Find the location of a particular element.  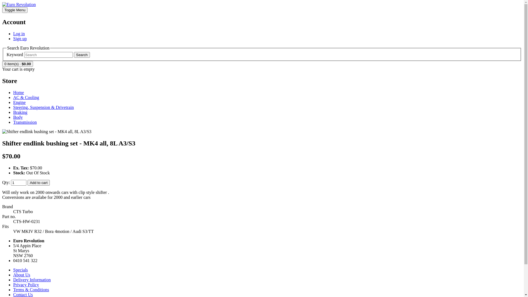

'Transmission' is located at coordinates (25, 122).